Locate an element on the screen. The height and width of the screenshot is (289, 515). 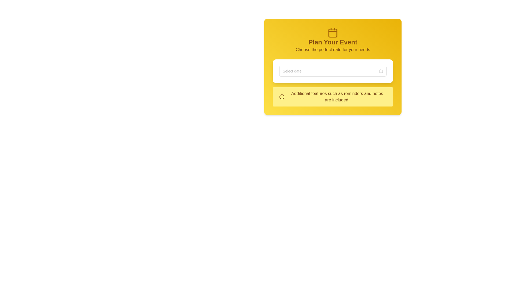
the calendar icon button located at the far-right end of the date picker input field, adjacent to the 'Select Date' placeholder text is located at coordinates (381, 71).